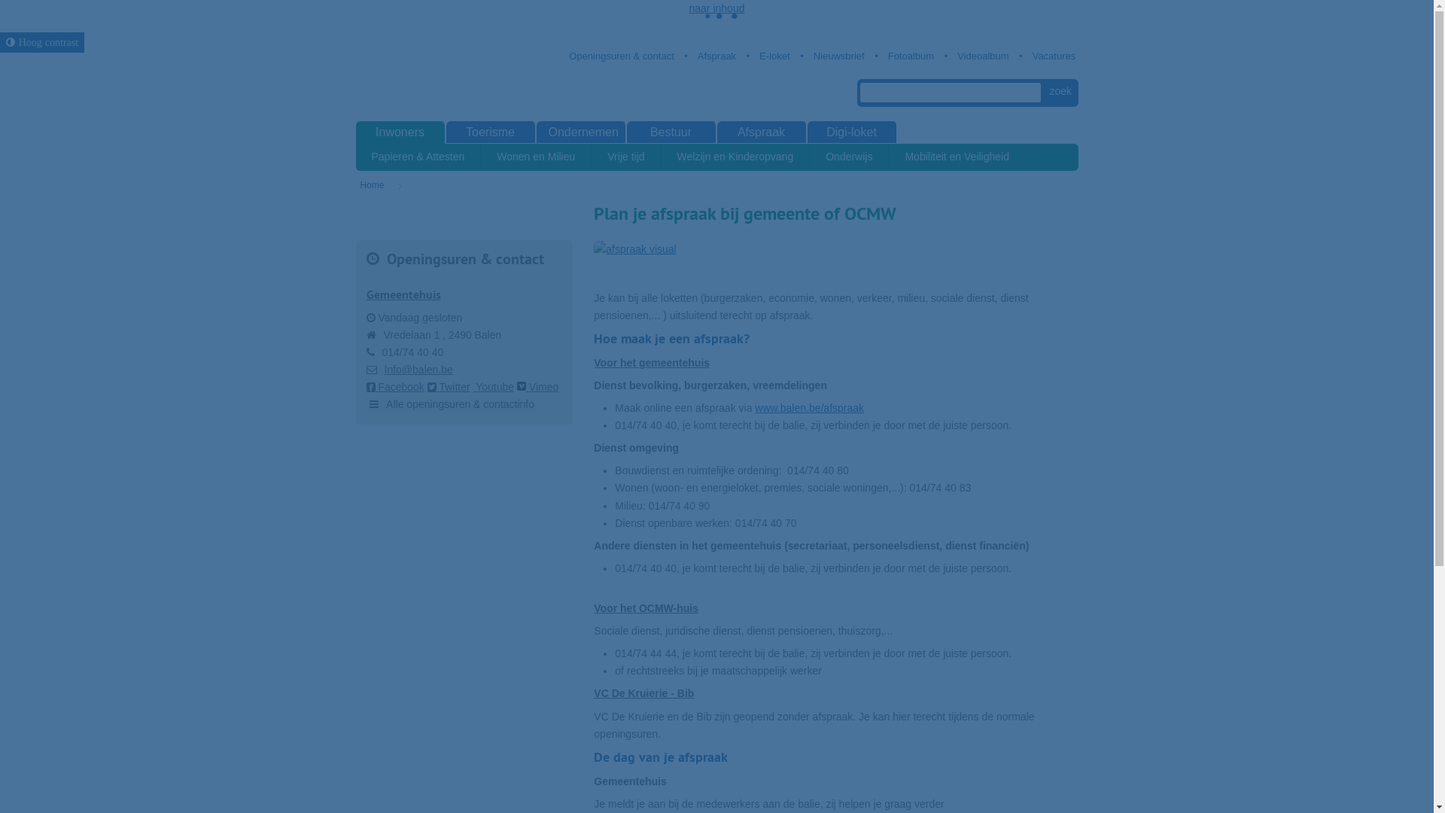  Describe the element at coordinates (808, 408) in the screenshot. I see `'www.balen.be/afspraak'` at that location.